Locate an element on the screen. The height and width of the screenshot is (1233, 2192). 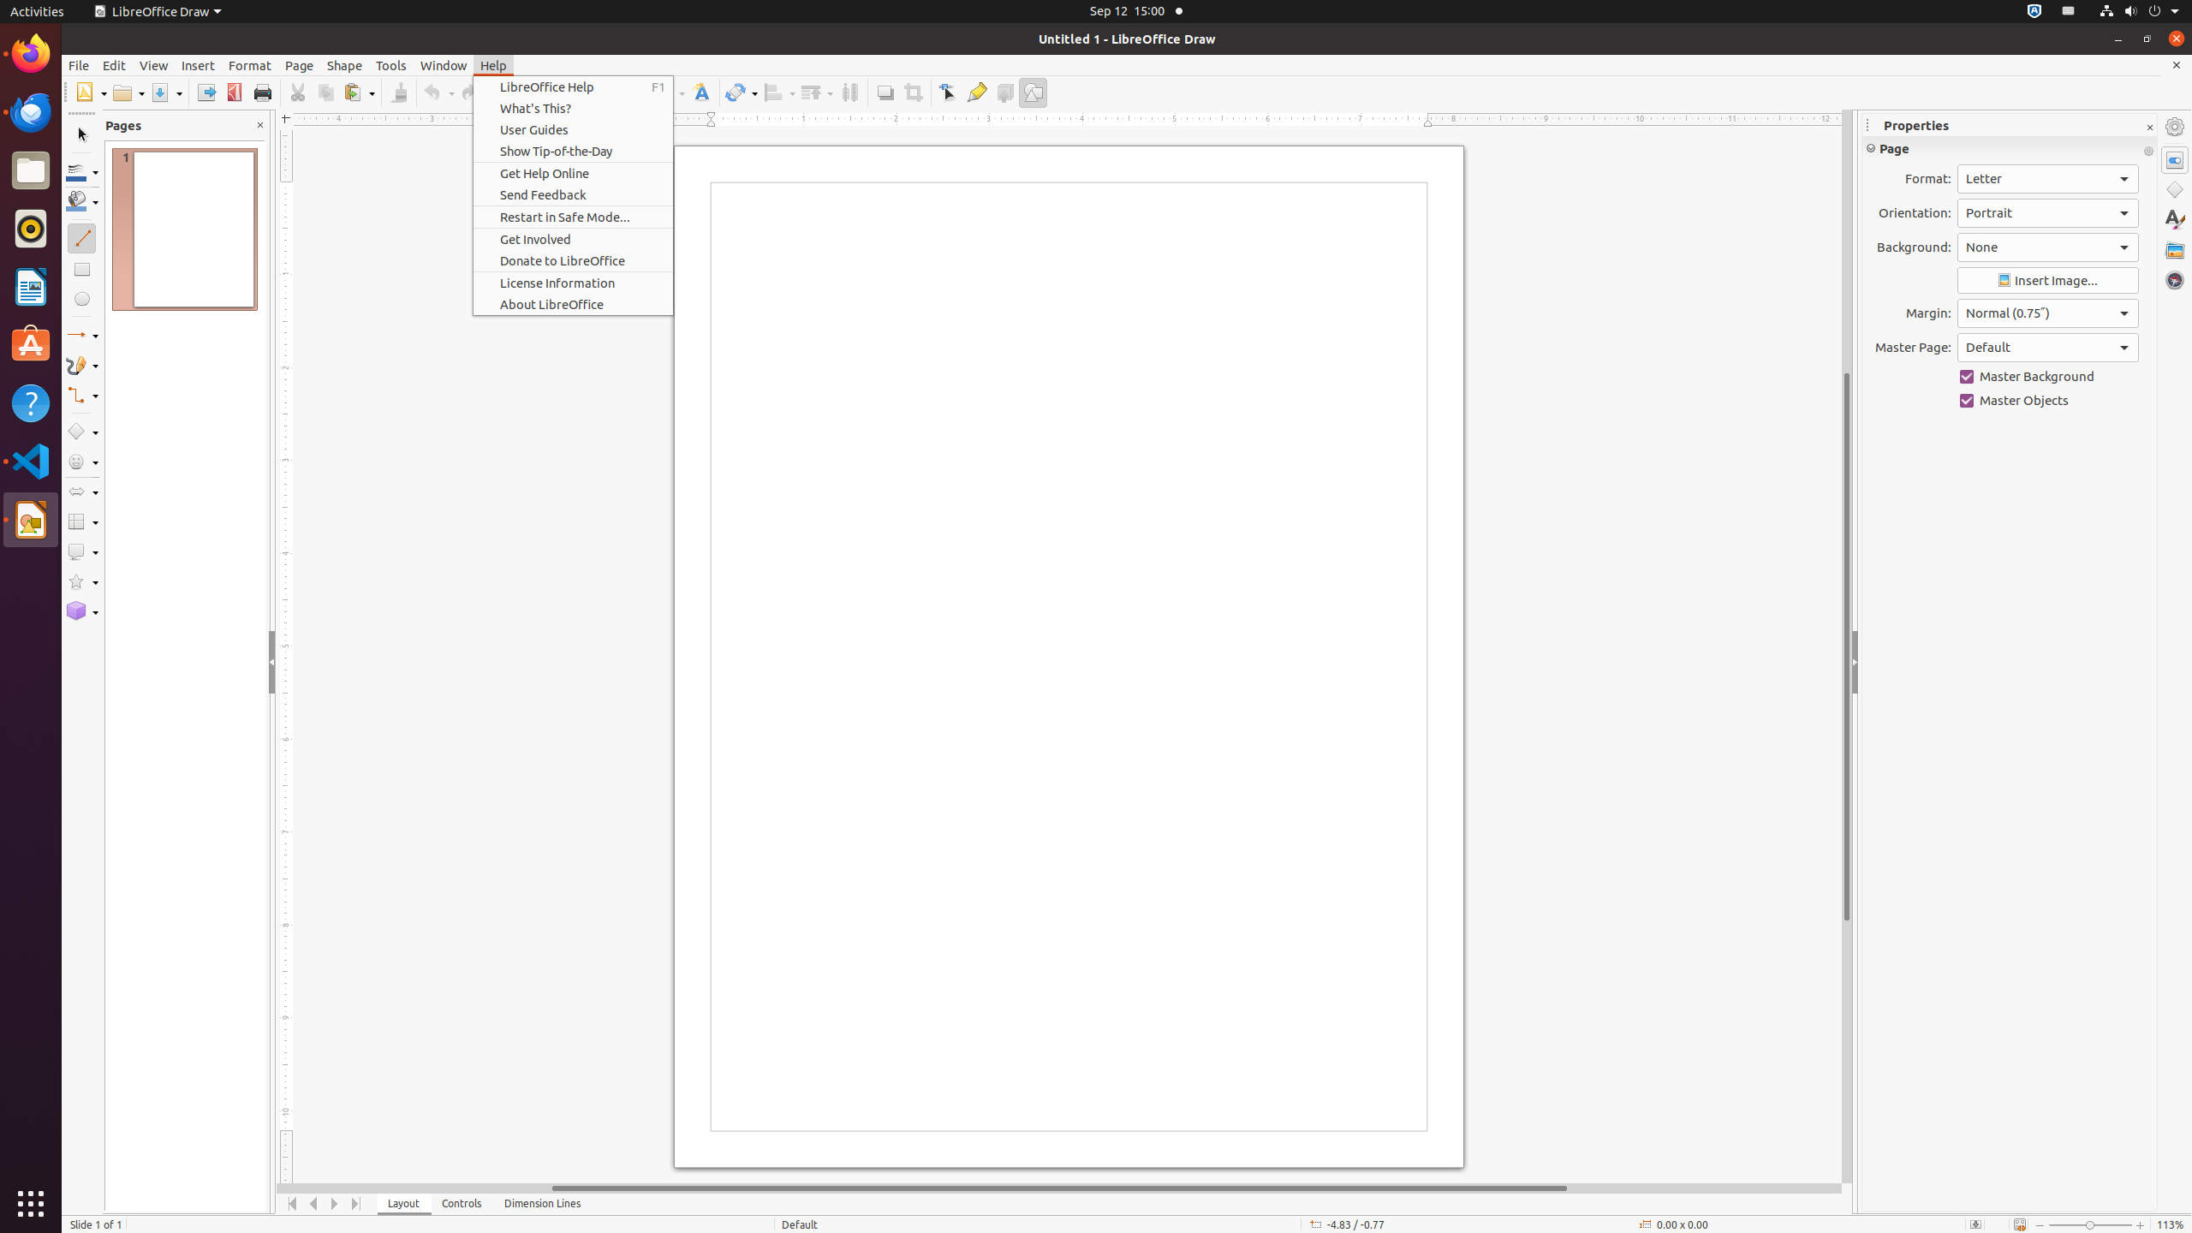
'Line Color' is located at coordinates (81, 170).